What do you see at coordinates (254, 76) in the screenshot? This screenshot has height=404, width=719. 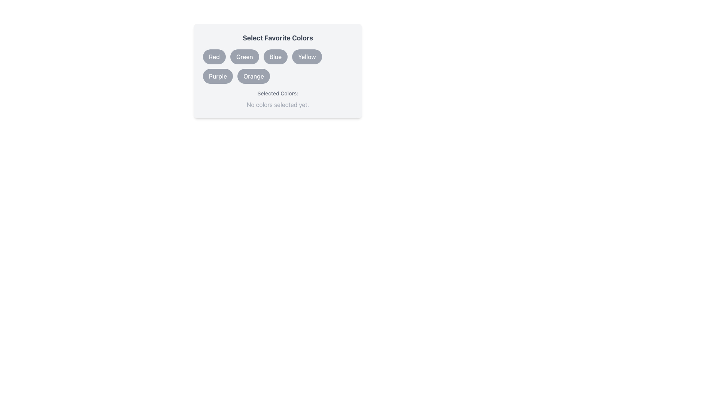 I see `the 'Orange' button, which has a gray background and white text` at bounding box center [254, 76].